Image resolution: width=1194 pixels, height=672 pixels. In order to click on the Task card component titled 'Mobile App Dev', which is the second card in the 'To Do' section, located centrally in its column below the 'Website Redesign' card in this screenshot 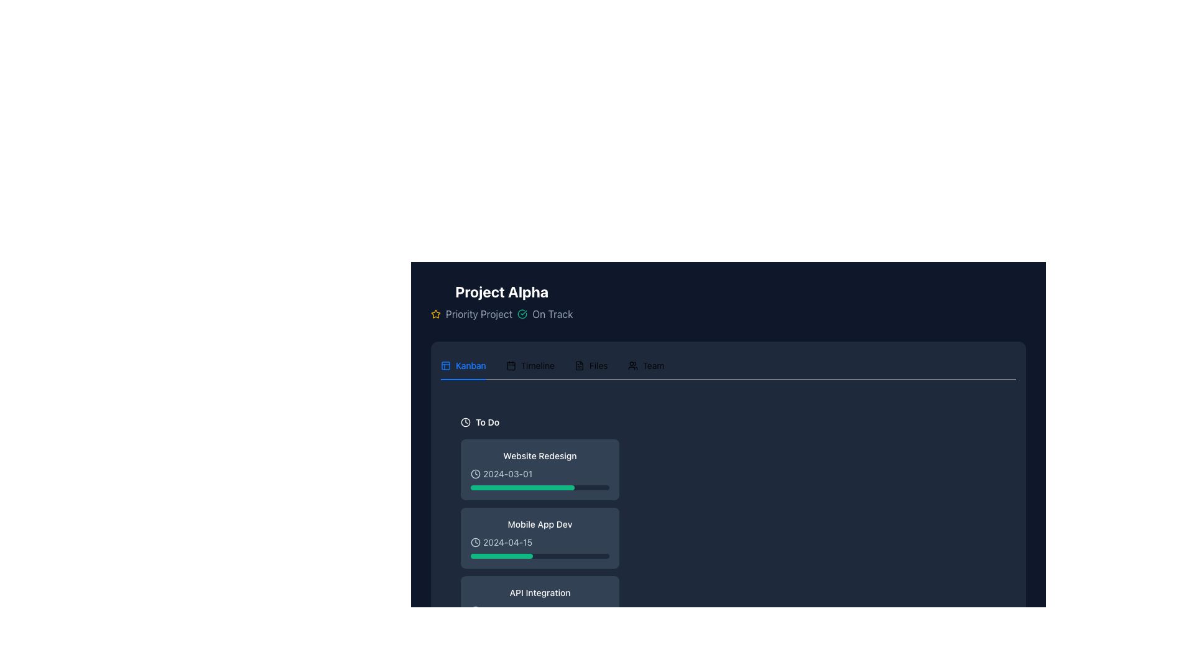, I will do `click(540, 530)`.